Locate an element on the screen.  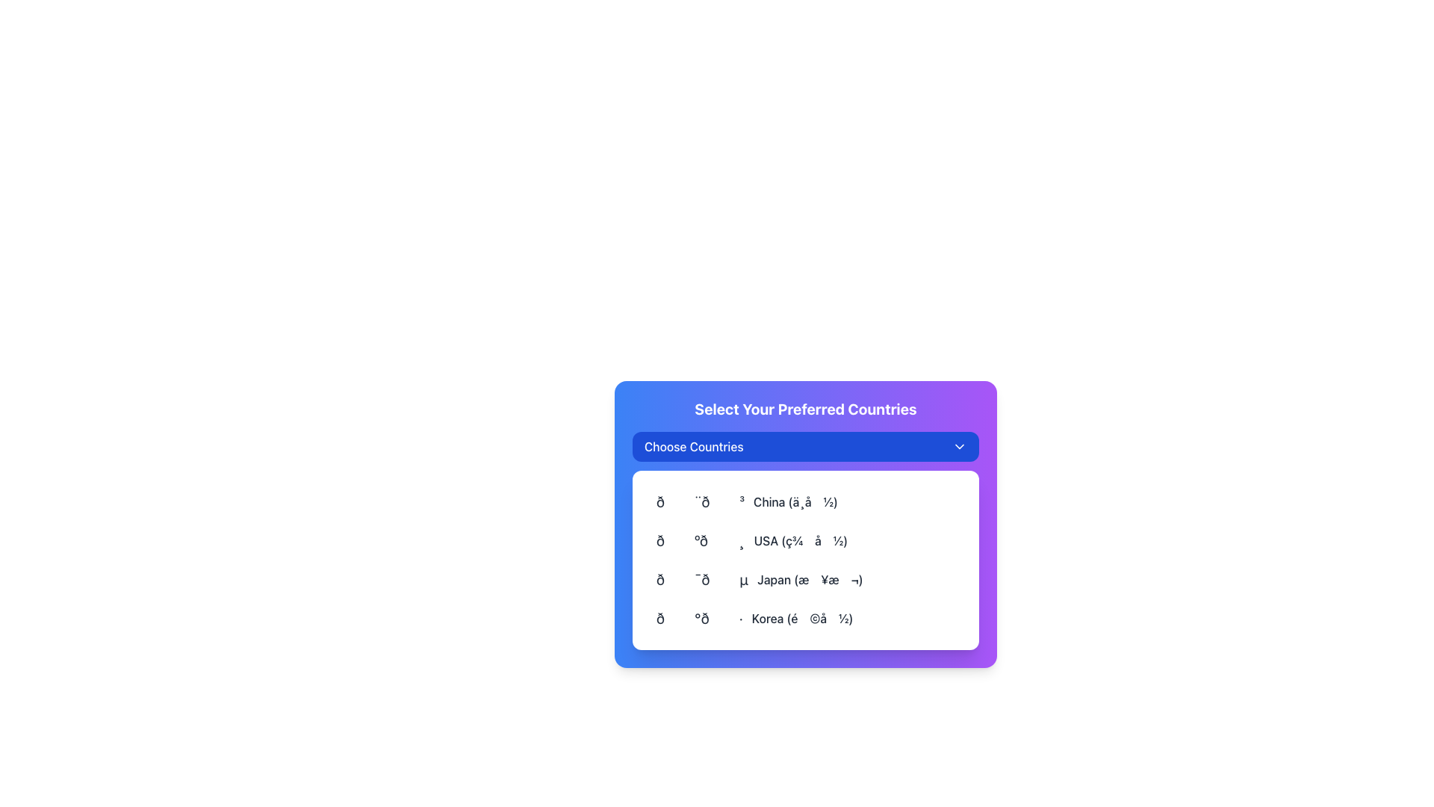
the 'Choose Countries' label, which displays white text on a blue background within a dropdown menu is located at coordinates (693, 445).